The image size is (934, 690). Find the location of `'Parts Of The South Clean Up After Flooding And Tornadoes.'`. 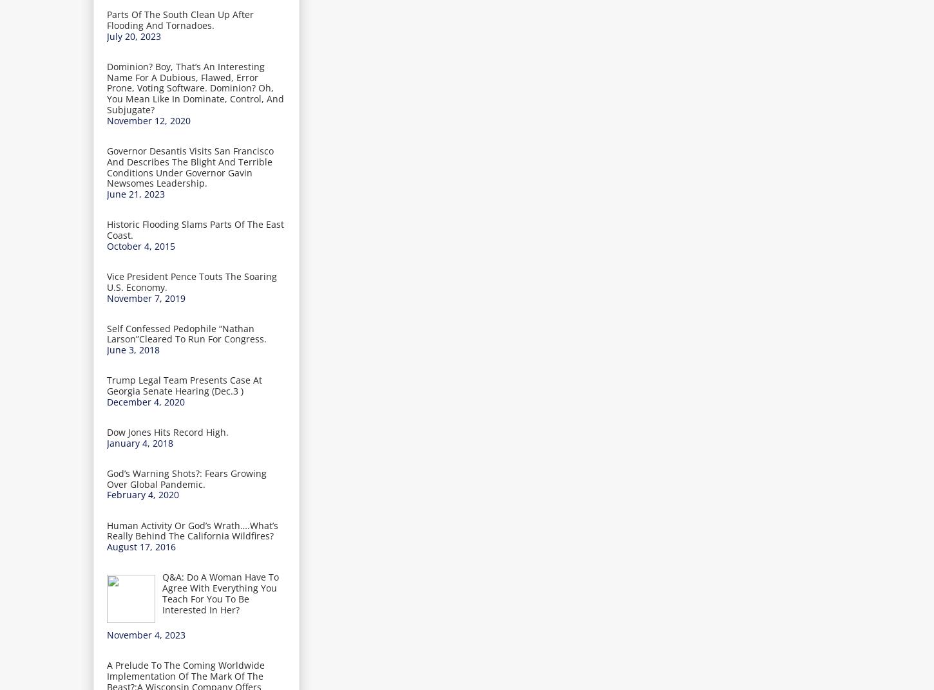

'Parts Of The South Clean Up After Flooding And Tornadoes.' is located at coordinates (180, 19).